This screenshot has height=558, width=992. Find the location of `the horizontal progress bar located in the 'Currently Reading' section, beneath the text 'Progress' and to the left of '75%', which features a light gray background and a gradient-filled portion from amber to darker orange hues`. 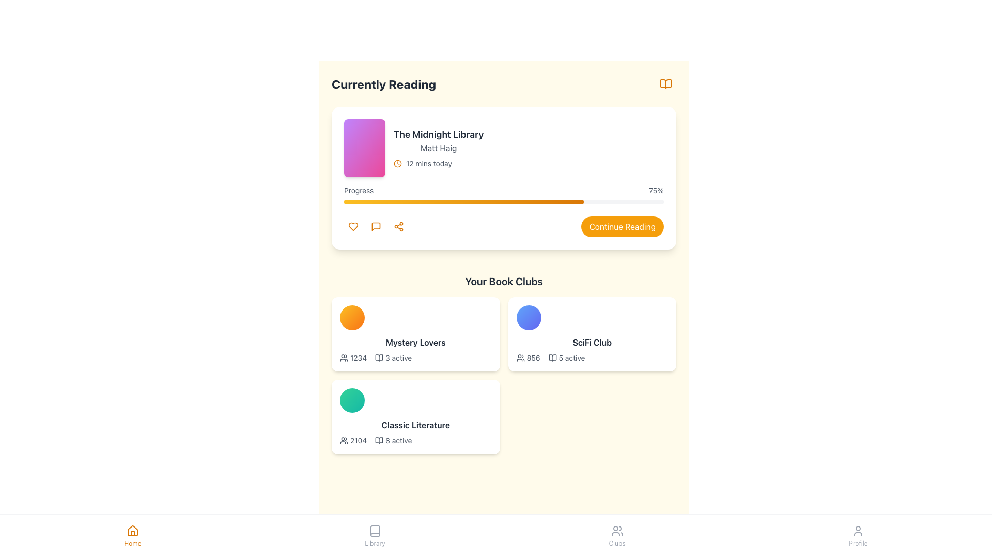

the horizontal progress bar located in the 'Currently Reading' section, beneath the text 'Progress' and to the left of '75%', which features a light gray background and a gradient-filled portion from amber to darker orange hues is located at coordinates (504, 202).